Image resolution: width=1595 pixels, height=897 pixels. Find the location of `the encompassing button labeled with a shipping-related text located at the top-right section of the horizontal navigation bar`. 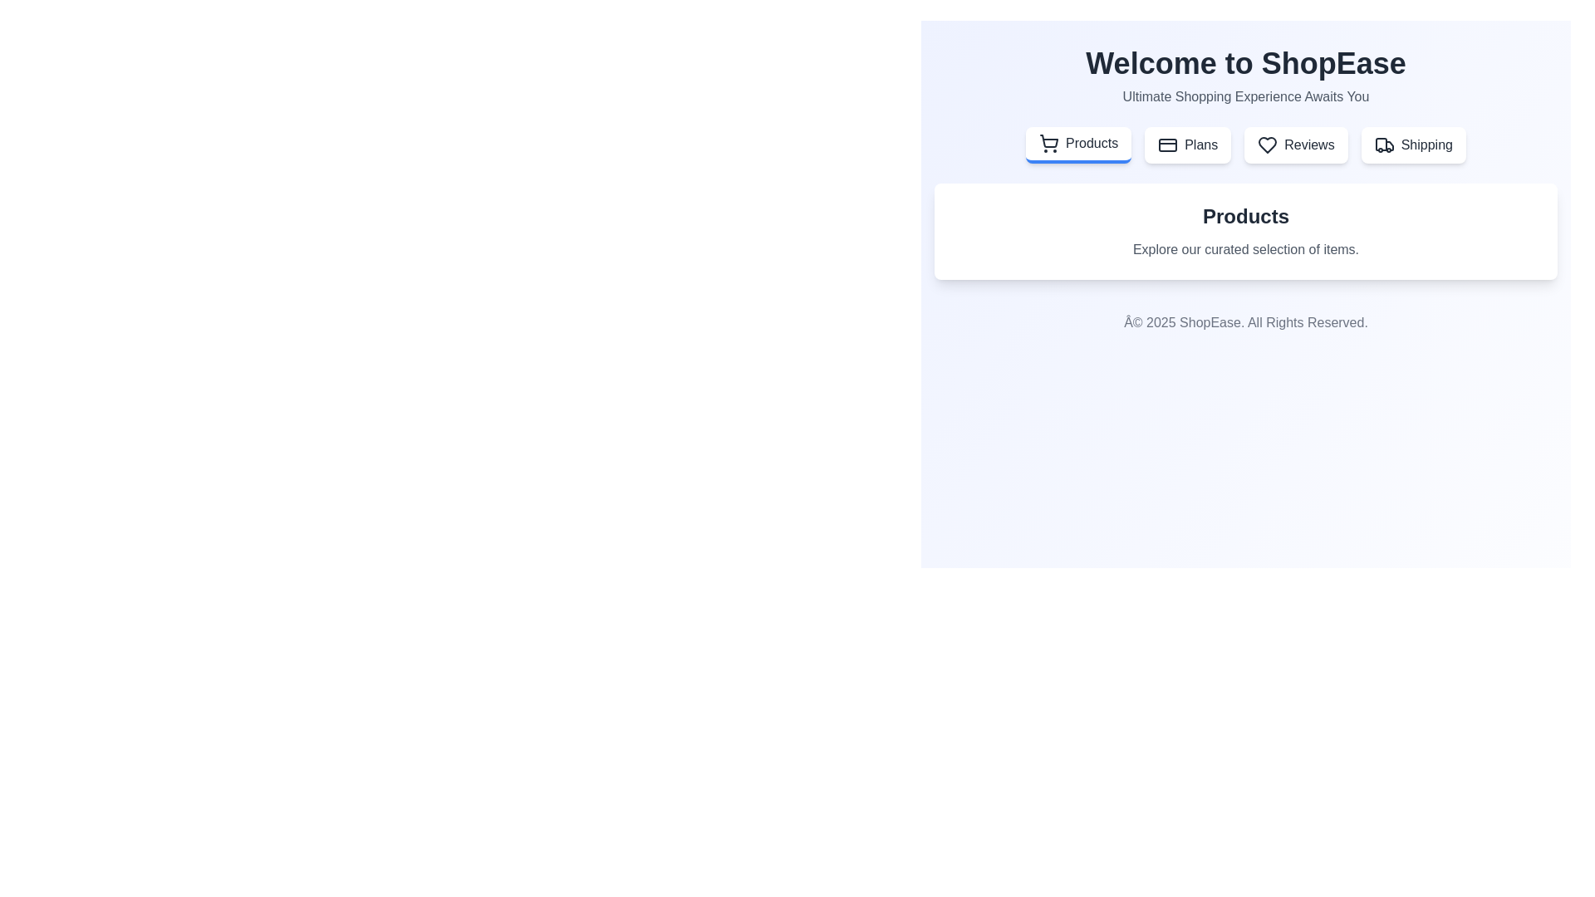

the encompassing button labeled with a shipping-related text located at the top-right section of the horizontal navigation bar is located at coordinates (1426, 144).